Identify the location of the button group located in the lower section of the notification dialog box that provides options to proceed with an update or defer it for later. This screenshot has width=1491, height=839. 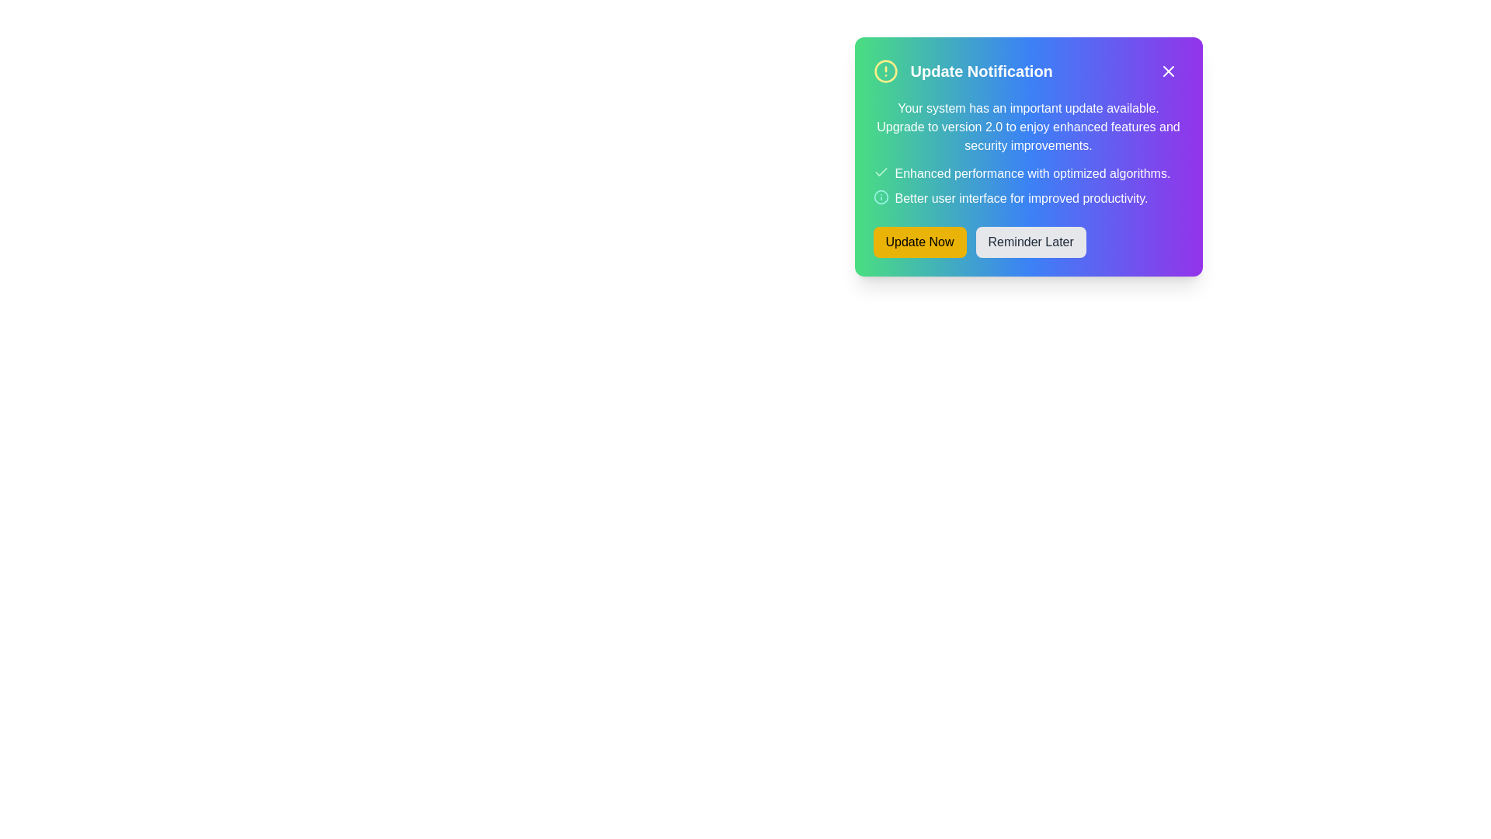
(1028, 242).